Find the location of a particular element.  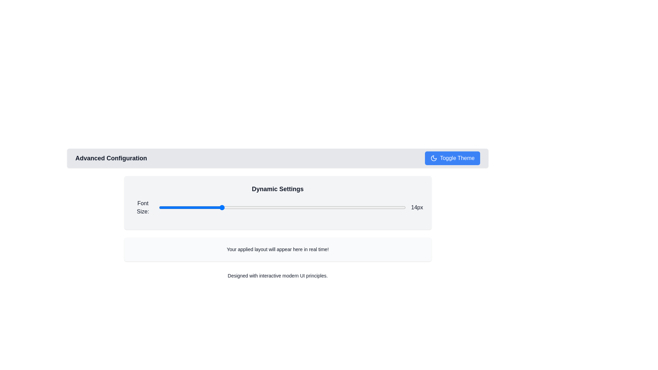

the font size is located at coordinates (251, 207).